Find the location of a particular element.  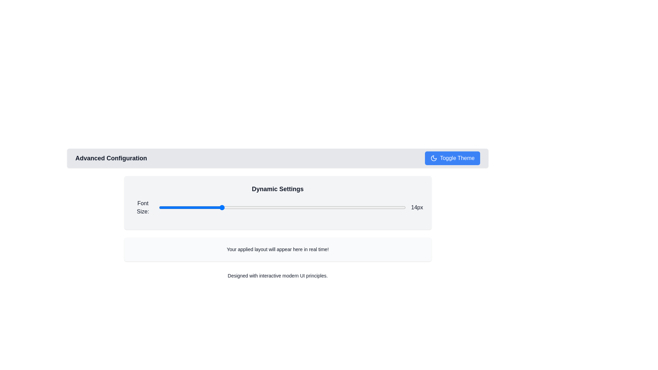

the font size is located at coordinates (251, 207).